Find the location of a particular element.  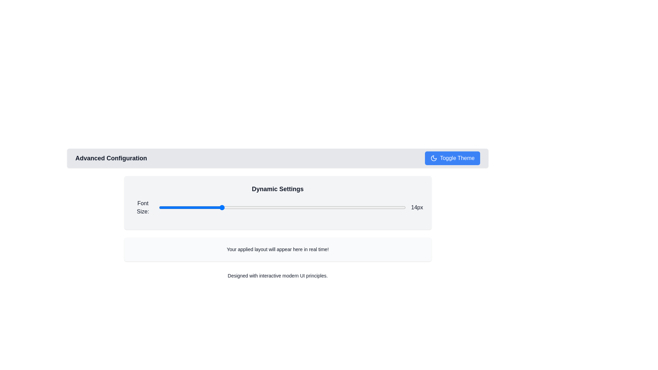

the font size is located at coordinates (251, 207).